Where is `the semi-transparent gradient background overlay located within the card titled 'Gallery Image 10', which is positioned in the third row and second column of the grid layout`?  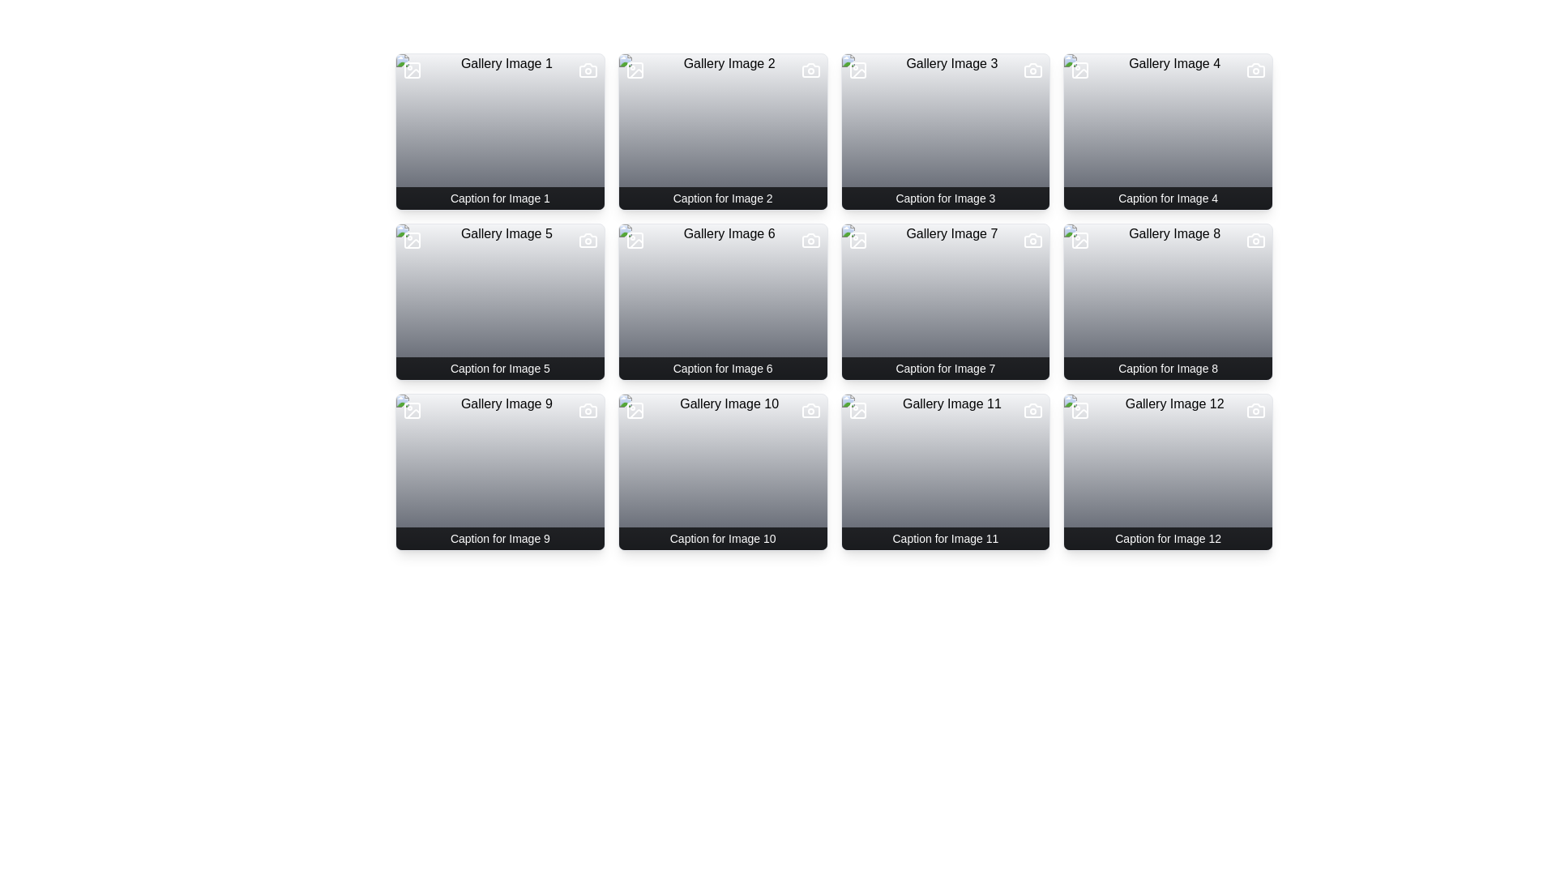 the semi-transparent gradient background overlay located within the card titled 'Gallery Image 10', which is positioned in the third row and second column of the grid layout is located at coordinates (722, 472).